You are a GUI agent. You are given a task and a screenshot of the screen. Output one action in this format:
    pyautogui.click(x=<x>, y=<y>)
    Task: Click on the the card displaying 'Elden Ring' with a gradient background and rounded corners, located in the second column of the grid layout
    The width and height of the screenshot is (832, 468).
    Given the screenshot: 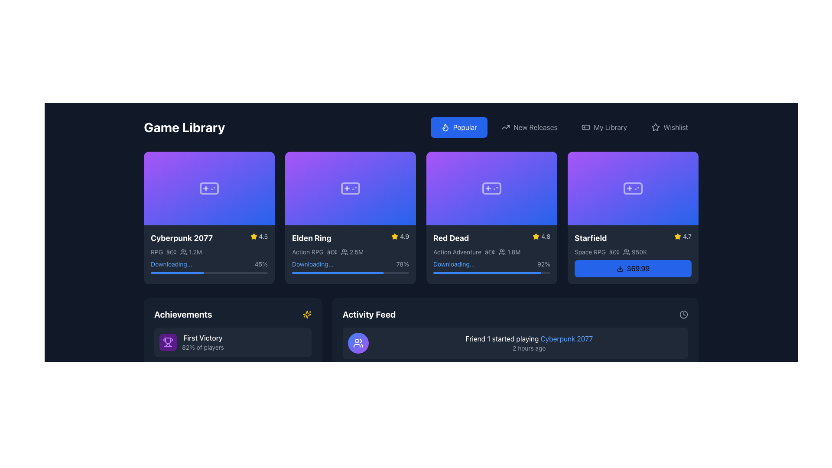 What is the action you would take?
    pyautogui.click(x=351, y=217)
    